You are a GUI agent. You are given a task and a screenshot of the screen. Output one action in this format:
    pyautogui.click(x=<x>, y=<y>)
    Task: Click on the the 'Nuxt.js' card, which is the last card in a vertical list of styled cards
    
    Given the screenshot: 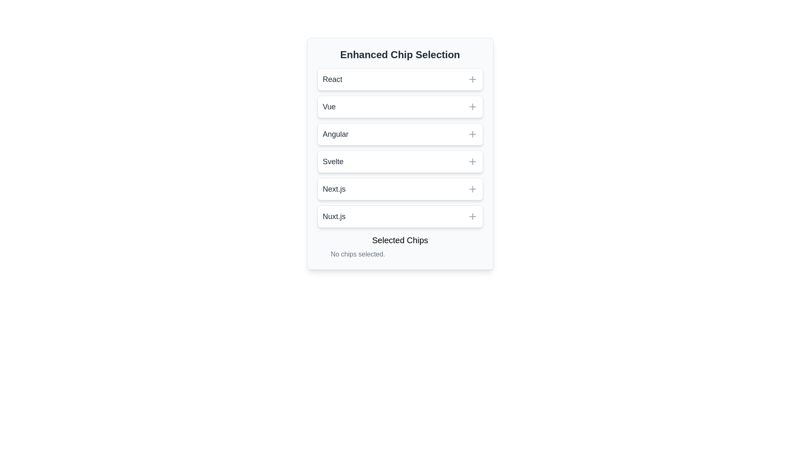 What is the action you would take?
    pyautogui.click(x=400, y=216)
    